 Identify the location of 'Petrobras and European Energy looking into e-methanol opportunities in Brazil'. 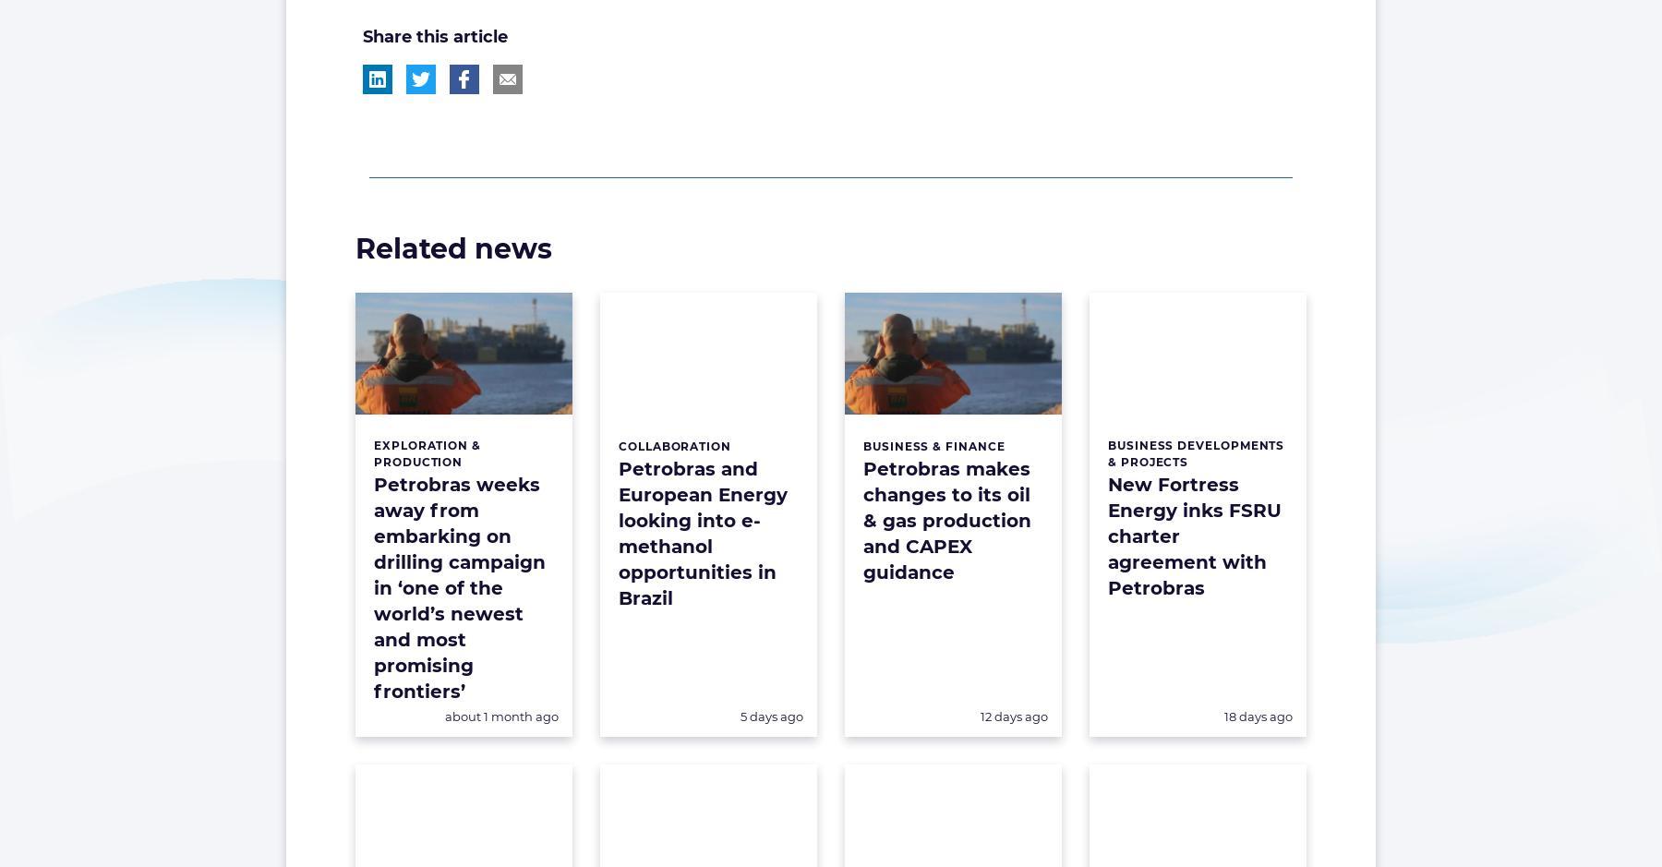
(618, 532).